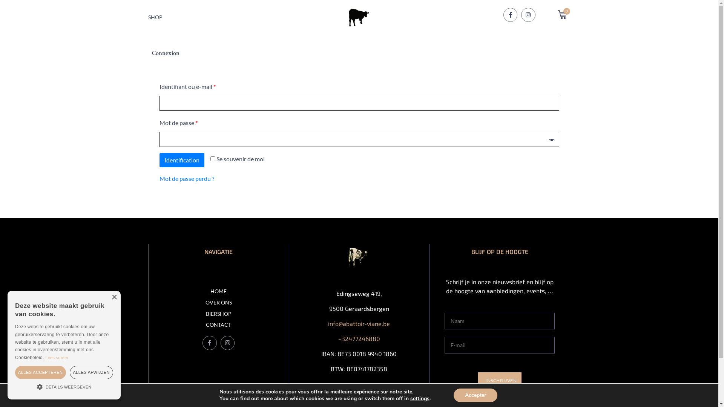  I want to click on '0', so click(564, 14).